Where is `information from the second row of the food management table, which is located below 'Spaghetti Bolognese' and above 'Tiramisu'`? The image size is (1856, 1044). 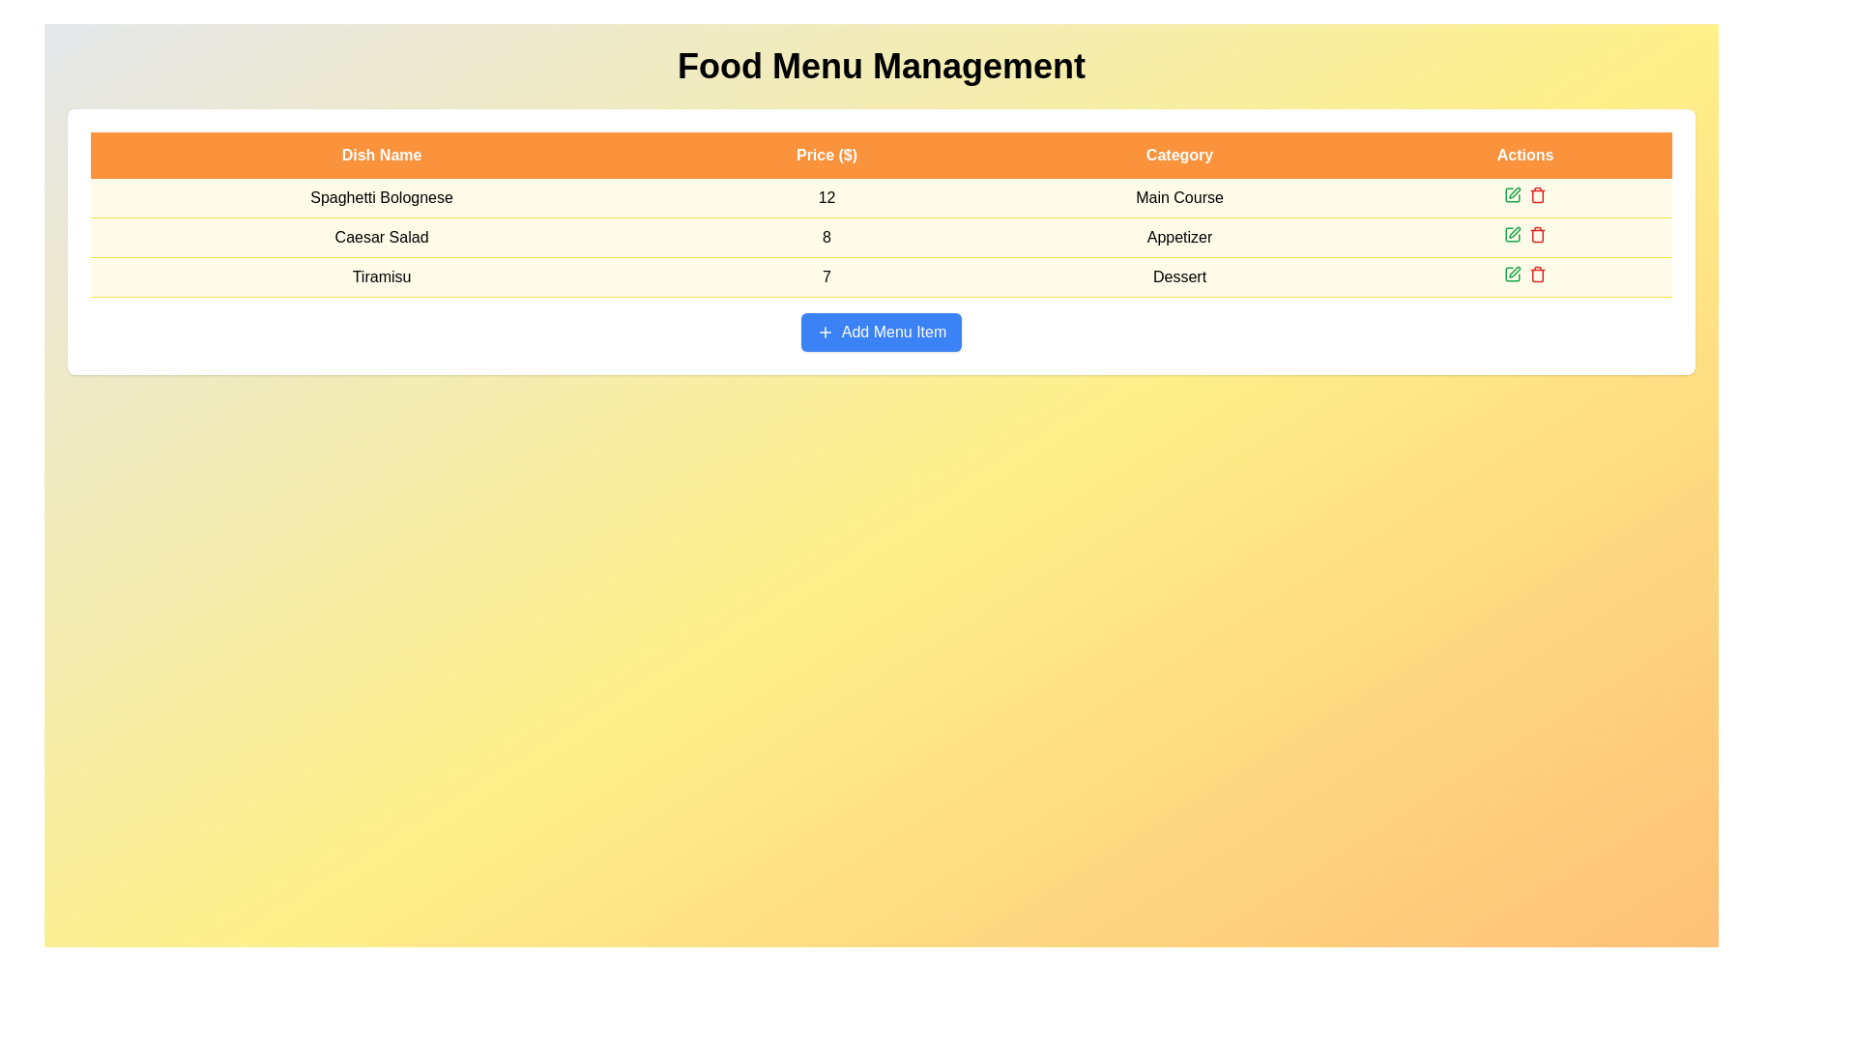
information from the second row of the food management table, which is located below 'Spaghetti Bolognese' and above 'Tiramisu' is located at coordinates (881, 237).